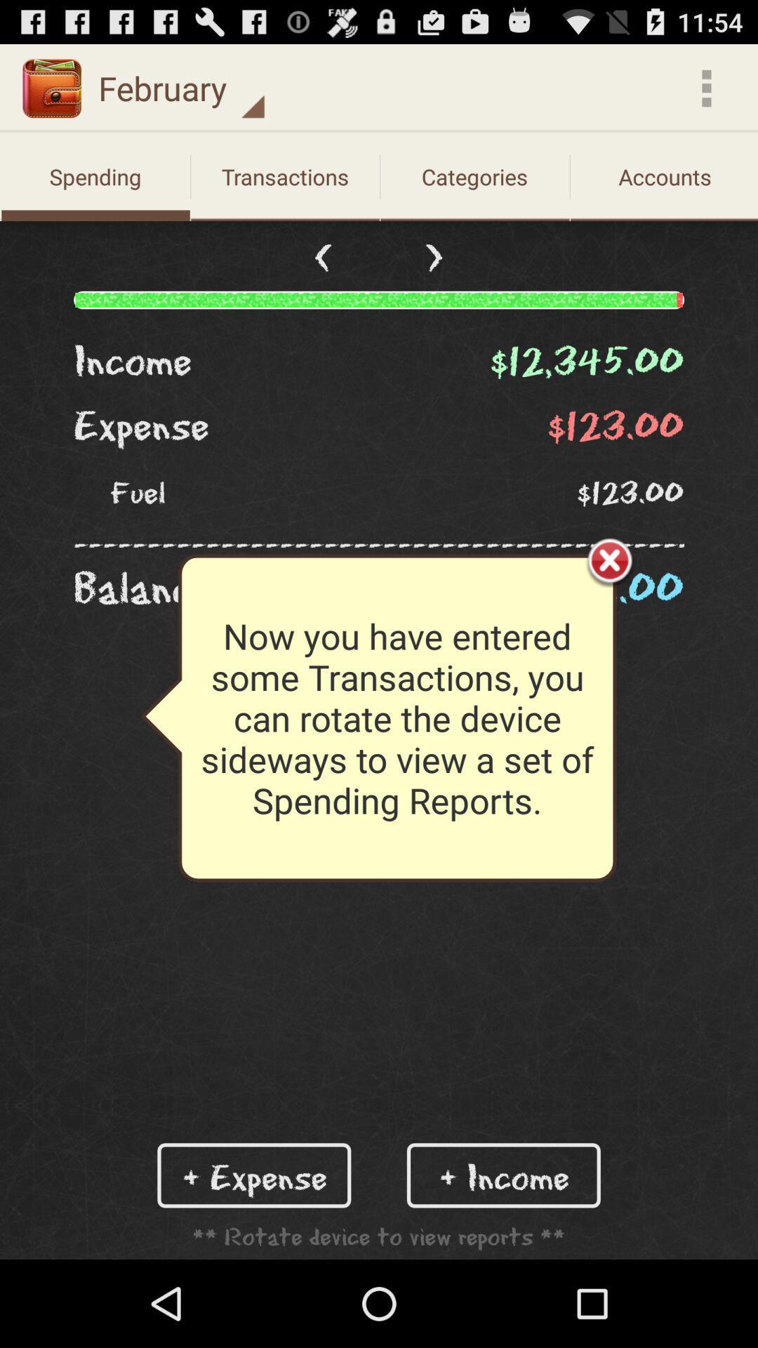 The width and height of the screenshot is (758, 1348). Describe the element at coordinates (609, 600) in the screenshot. I see `the close icon` at that location.